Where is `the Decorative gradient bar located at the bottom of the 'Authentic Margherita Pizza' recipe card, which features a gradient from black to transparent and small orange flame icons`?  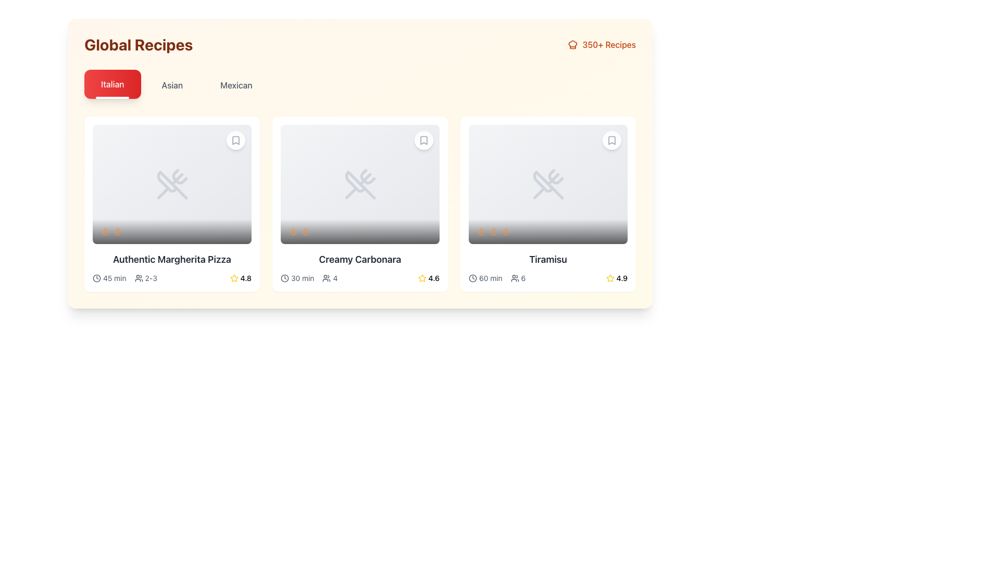
the Decorative gradient bar located at the bottom of the 'Authentic Margherita Pizza' recipe card, which features a gradient from black to transparent and small orange flame icons is located at coordinates (172, 231).